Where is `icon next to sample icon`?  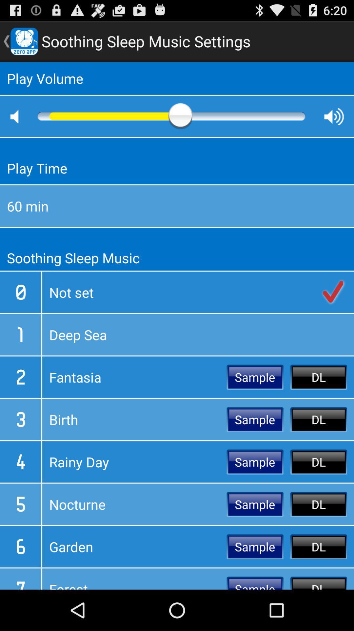 icon next to sample icon is located at coordinates (134, 419).